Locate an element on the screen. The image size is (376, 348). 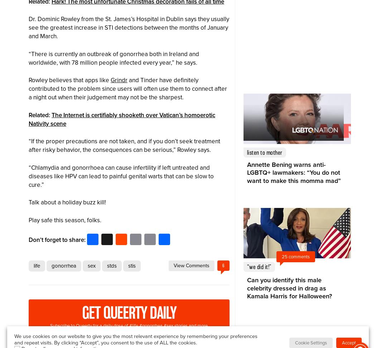
'Don't forget to share:' is located at coordinates (29, 239).